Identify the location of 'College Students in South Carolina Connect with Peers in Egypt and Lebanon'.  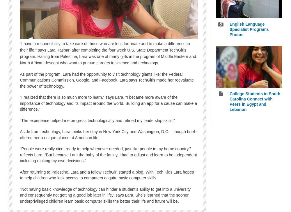
(255, 101).